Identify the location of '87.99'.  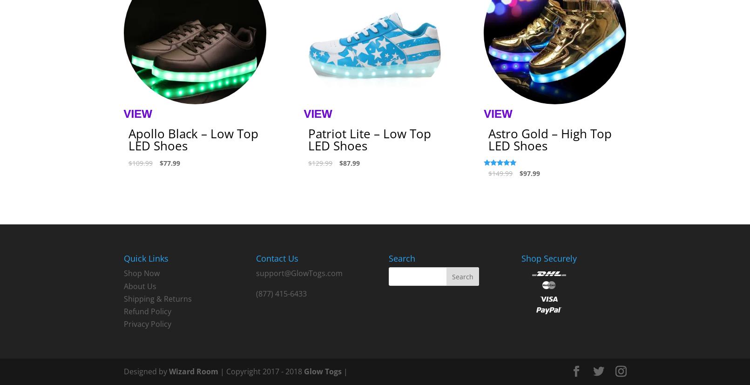
(351, 163).